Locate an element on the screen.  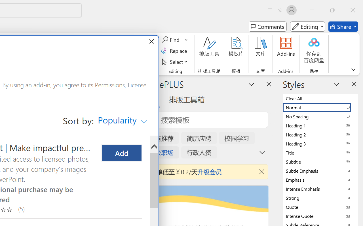
'Mode' is located at coordinates (307, 27).